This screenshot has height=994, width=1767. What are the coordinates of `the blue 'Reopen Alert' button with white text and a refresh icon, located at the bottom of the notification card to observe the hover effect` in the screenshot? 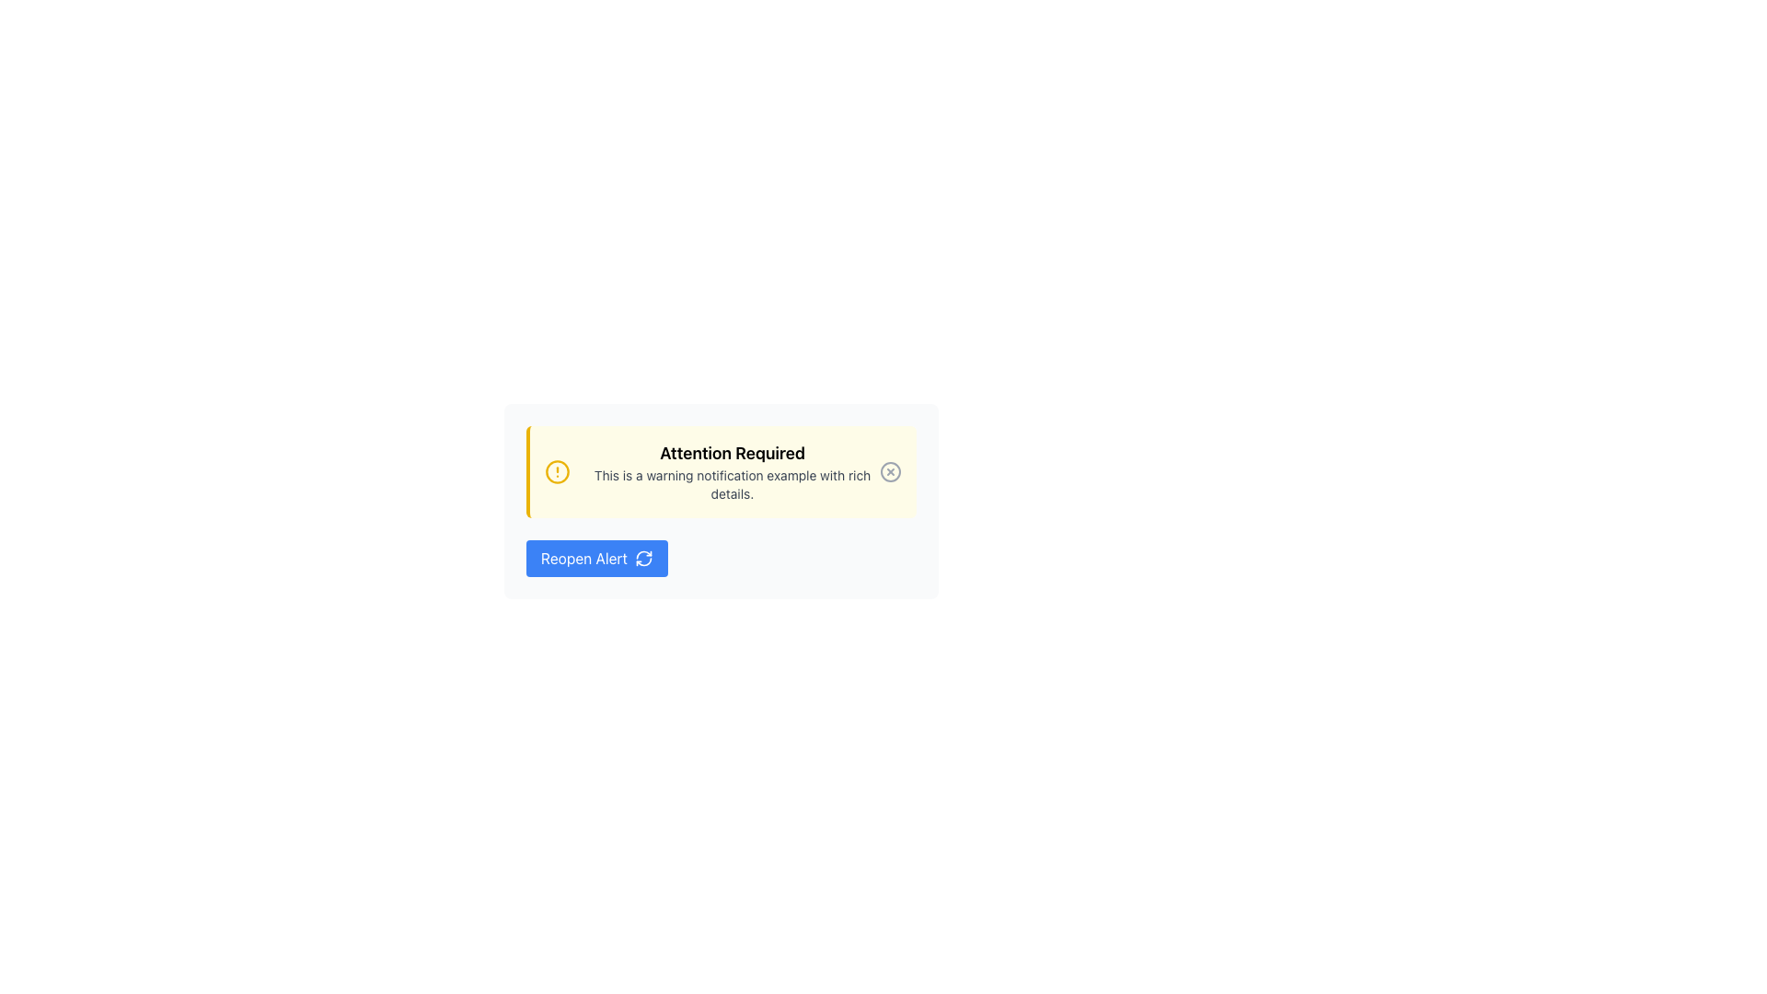 It's located at (596, 557).